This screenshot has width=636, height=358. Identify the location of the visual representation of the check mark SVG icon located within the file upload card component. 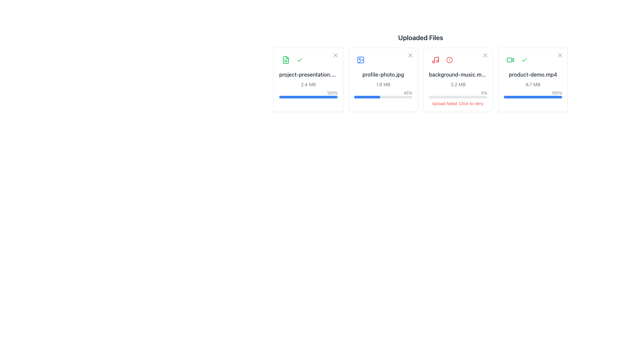
(524, 60).